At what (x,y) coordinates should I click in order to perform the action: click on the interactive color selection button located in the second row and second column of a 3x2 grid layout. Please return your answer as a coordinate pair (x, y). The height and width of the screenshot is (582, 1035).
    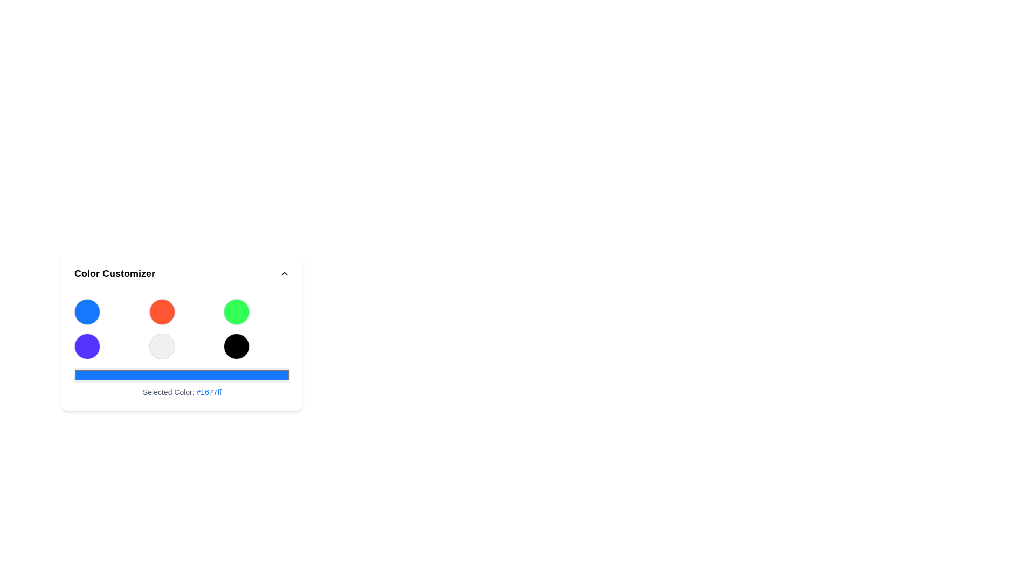
    Looking at the image, I should click on (161, 347).